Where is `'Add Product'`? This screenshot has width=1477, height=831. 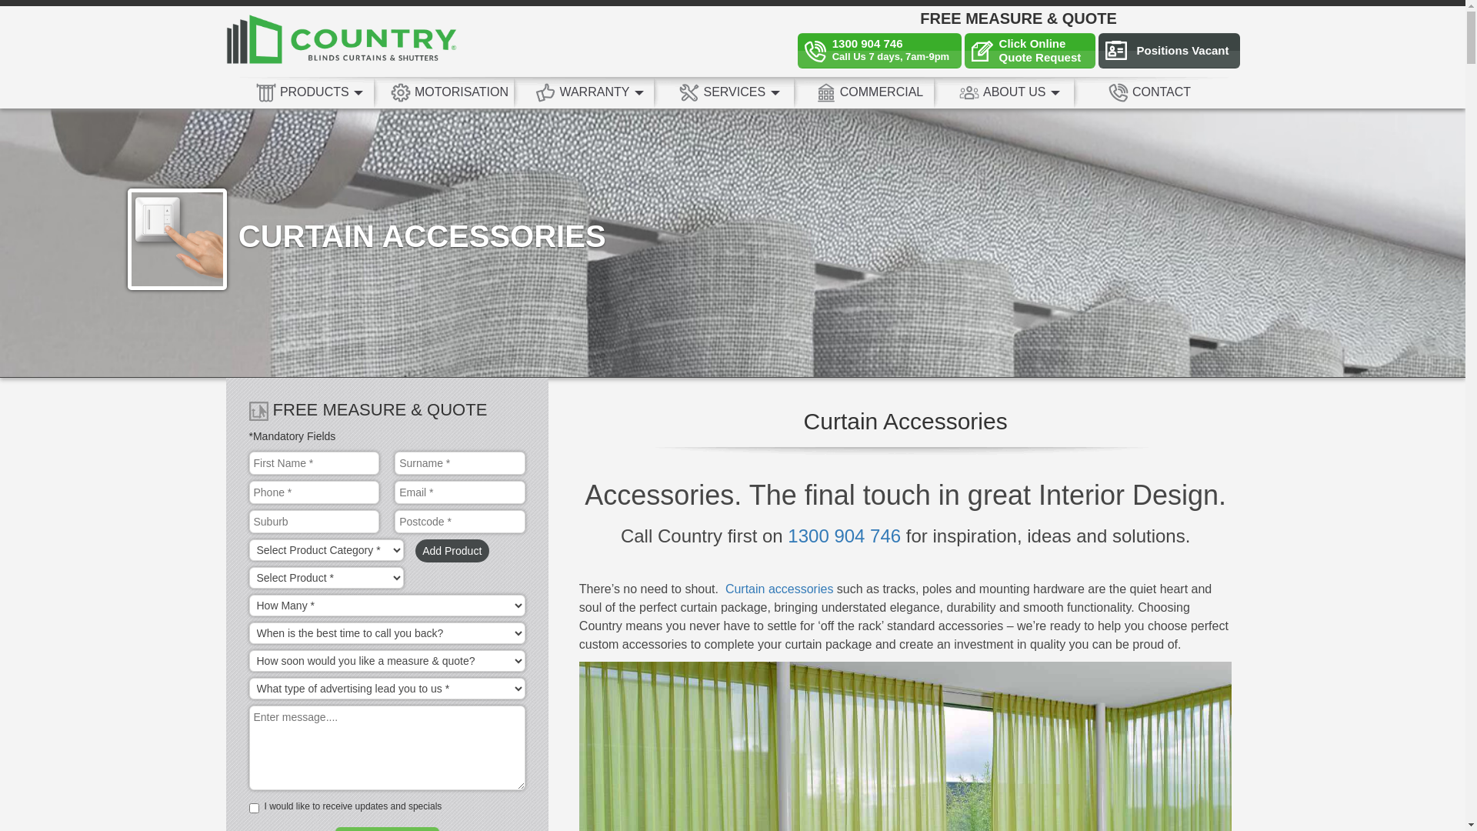
'Add Product' is located at coordinates (415, 550).